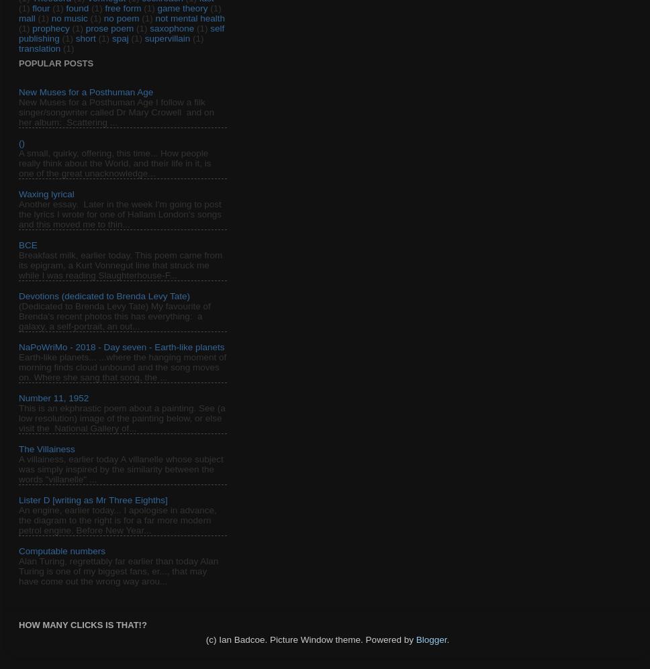 The width and height of the screenshot is (650, 669). Describe the element at coordinates (122, 417) in the screenshot. I see `'This is an ekphrastic  poem about a painting.    See (a low resolution) image of the painting below, or else visit the  National Gallery of...'` at that location.